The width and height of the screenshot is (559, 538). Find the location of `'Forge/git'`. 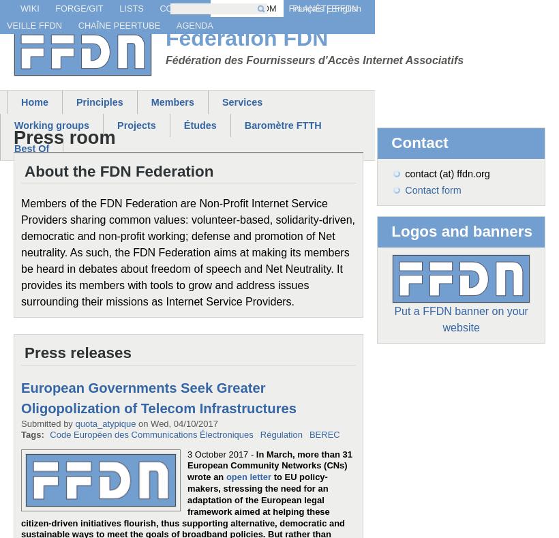

'Forge/git' is located at coordinates (78, 8).